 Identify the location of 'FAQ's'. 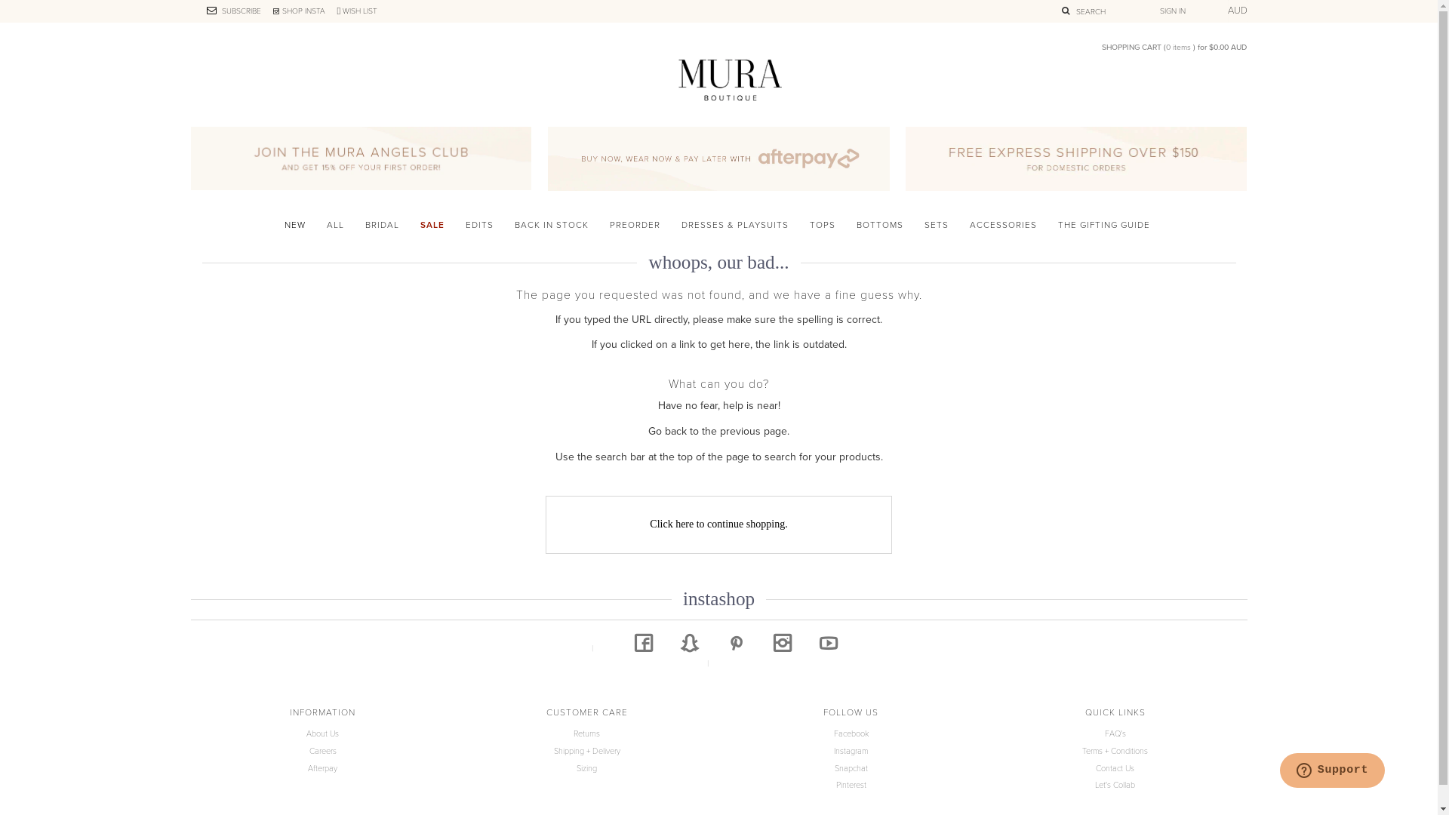
(1115, 733).